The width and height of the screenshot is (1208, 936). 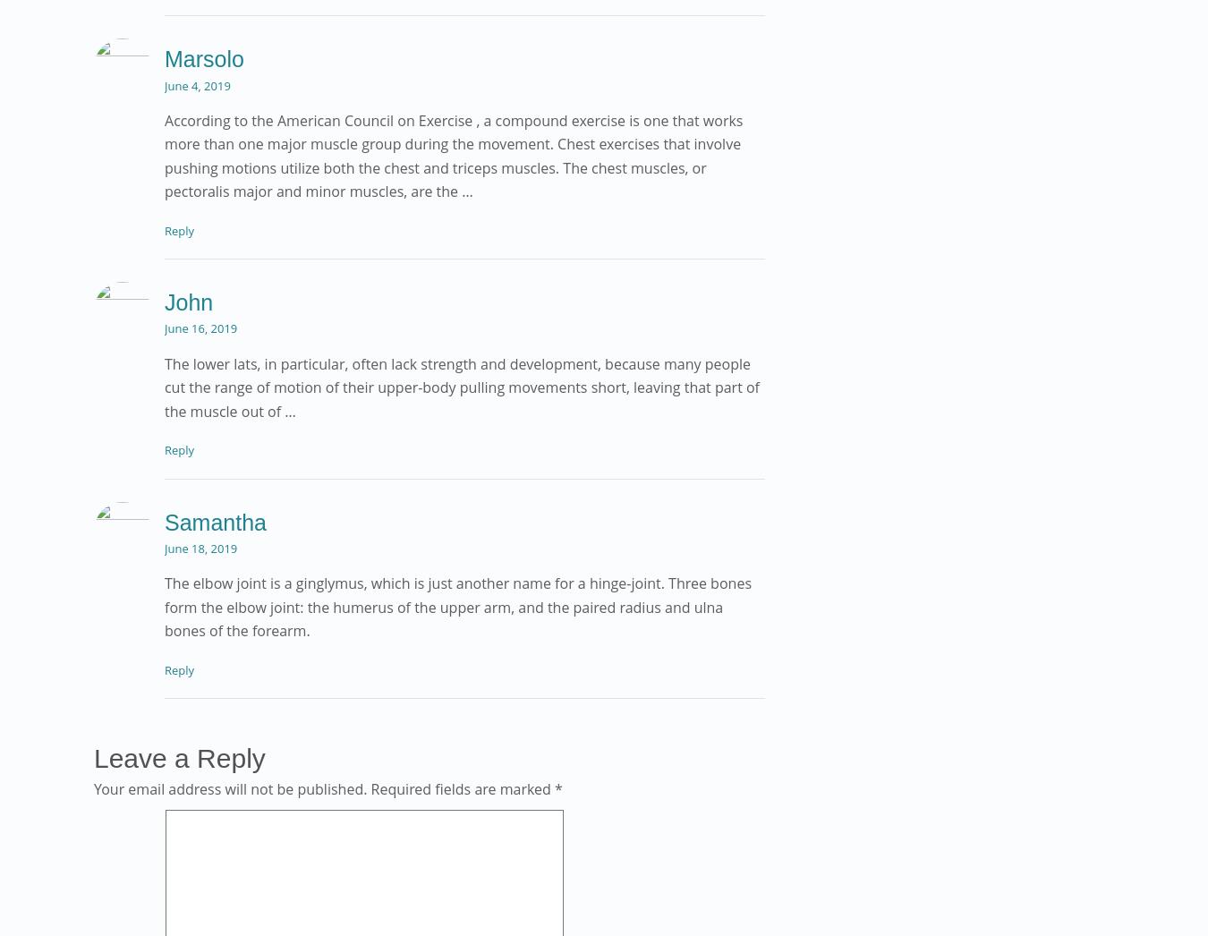 What do you see at coordinates (203, 59) in the screenshot?
I see `'Marsolo'` at bounding box center [203, 59].